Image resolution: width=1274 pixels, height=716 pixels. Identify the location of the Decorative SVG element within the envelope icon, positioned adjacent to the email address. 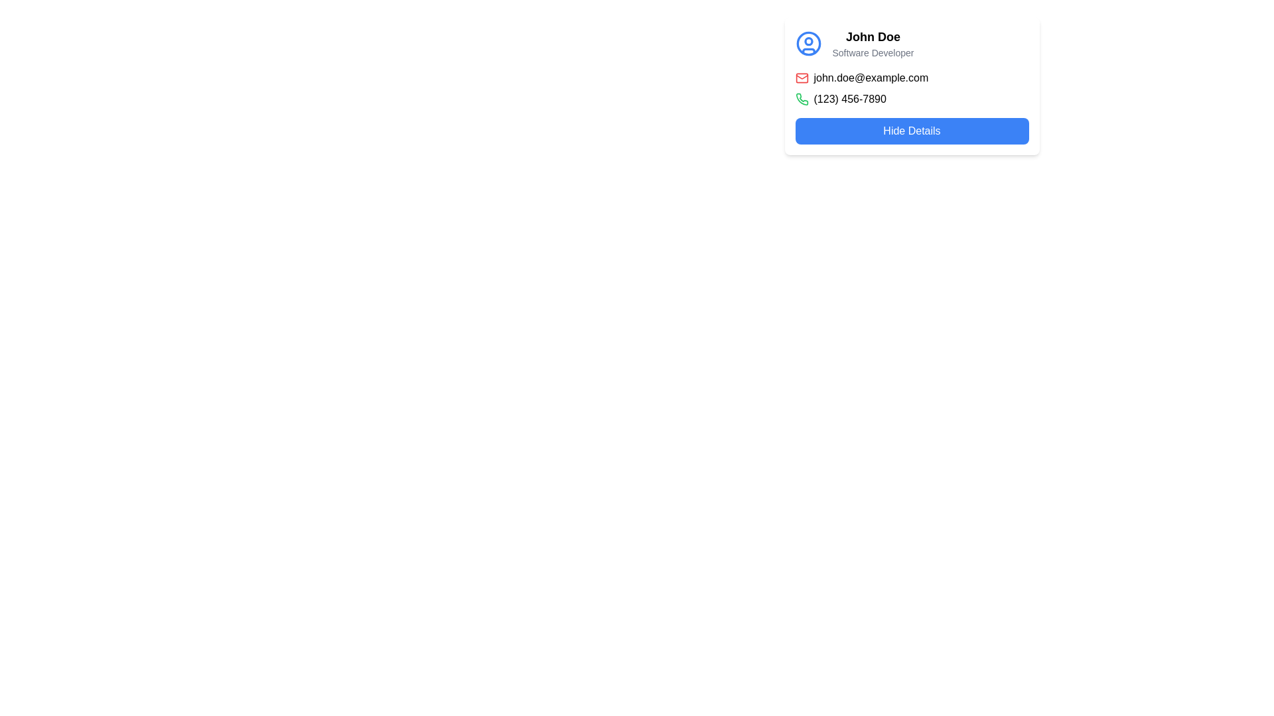
(801, 78).